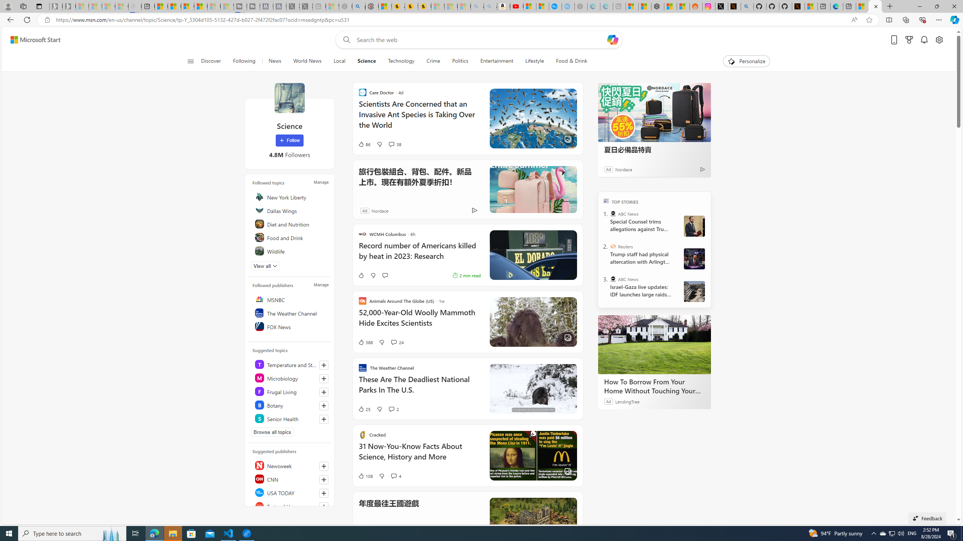 This screenshot has height=541, width=963. What do you see at coordinates (613, 246) in the screenshot?
I see `'Reuters'` at bounding box center [613, 246].